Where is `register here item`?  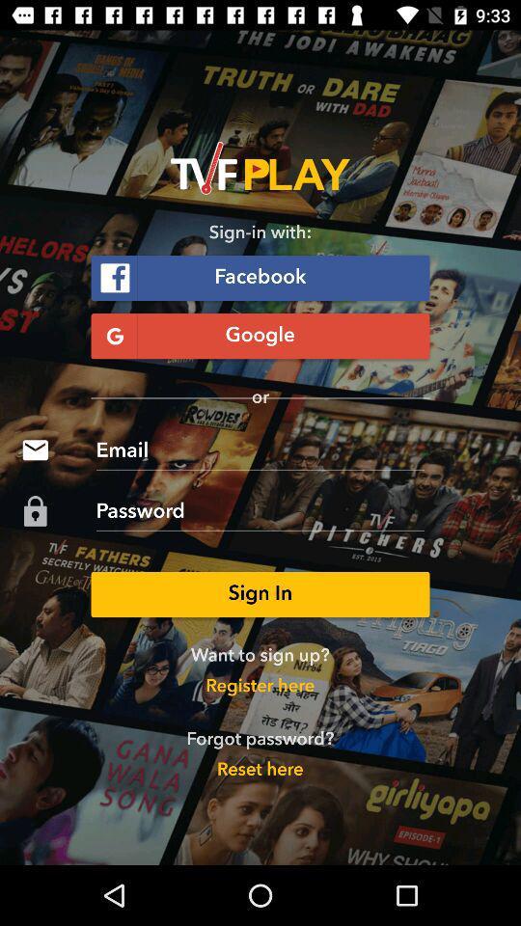 register here item is located at coordinates (260, 687).